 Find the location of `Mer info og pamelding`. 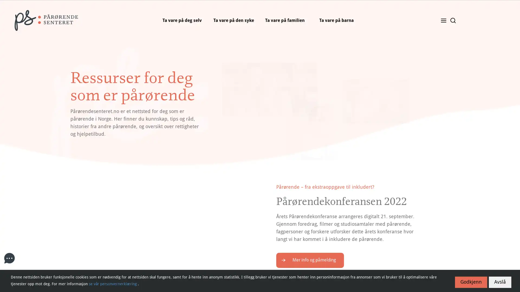

Mer info og pamelding is located at coordinates (310, 260).